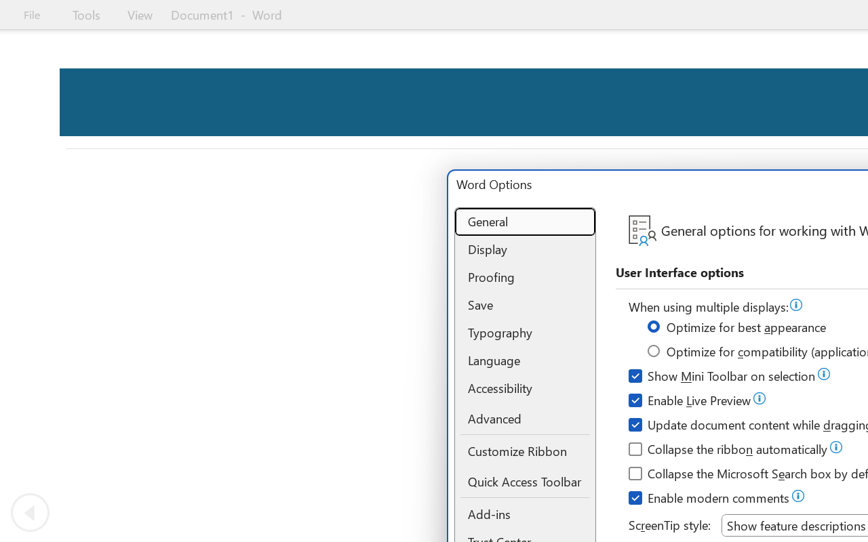  Describe the element at coordinates (728, 451) in the screenshot. I see `'Collapse the ribbon automatically'` at that location.